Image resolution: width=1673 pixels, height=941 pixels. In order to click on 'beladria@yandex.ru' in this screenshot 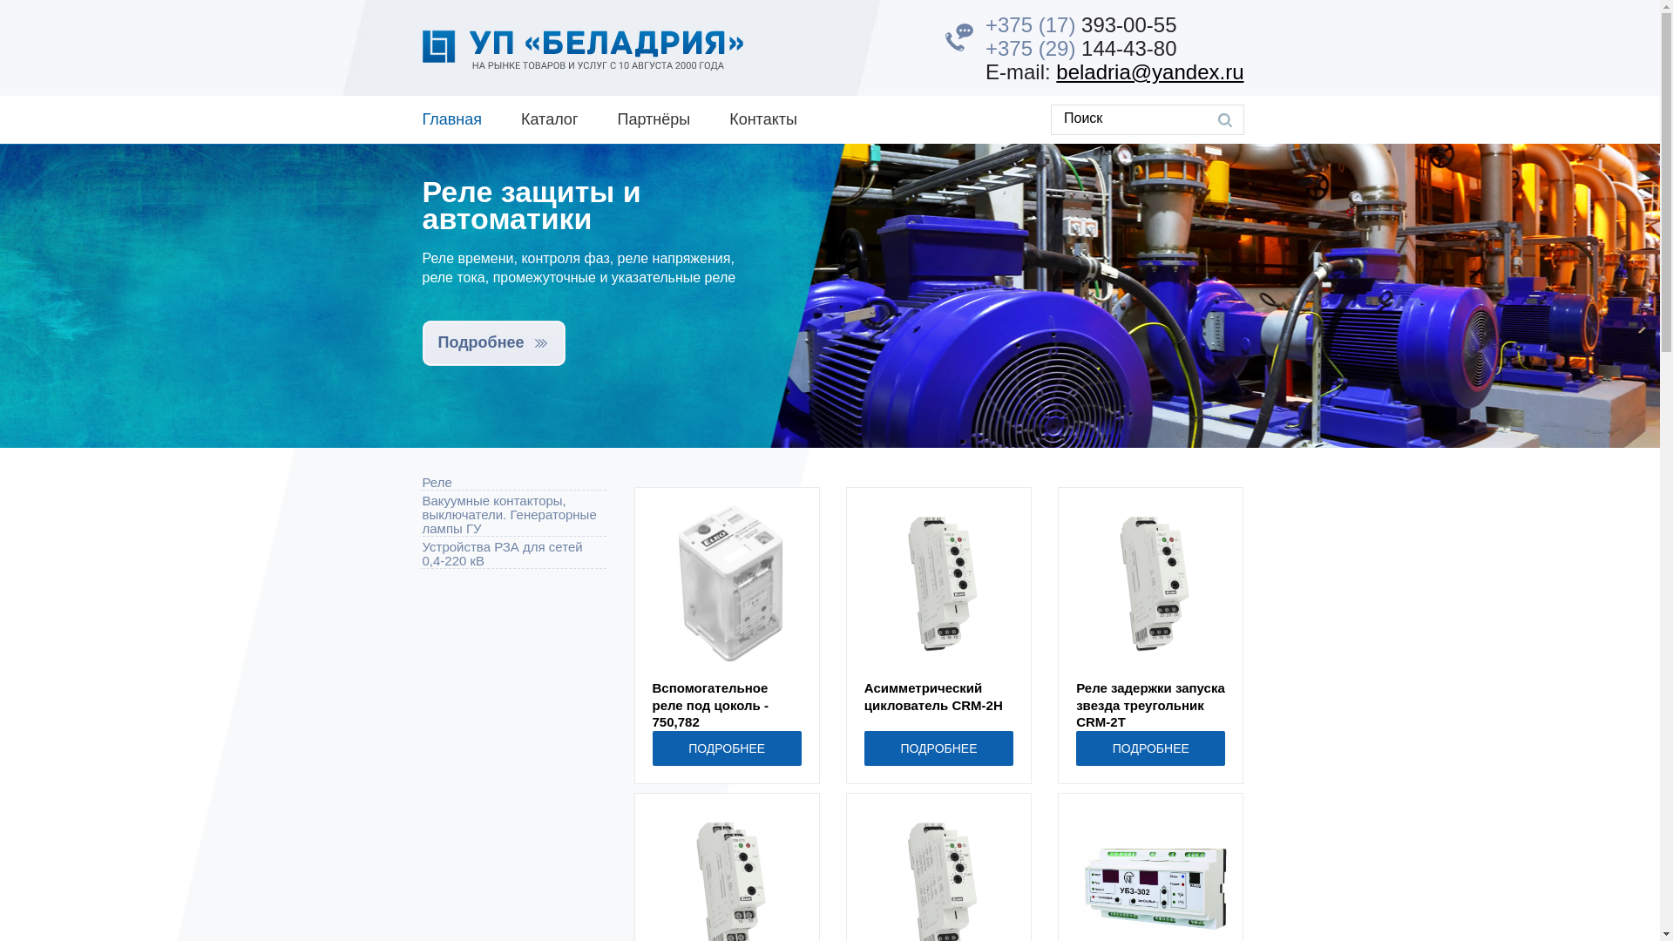, I will do `click(1149, 71)`.